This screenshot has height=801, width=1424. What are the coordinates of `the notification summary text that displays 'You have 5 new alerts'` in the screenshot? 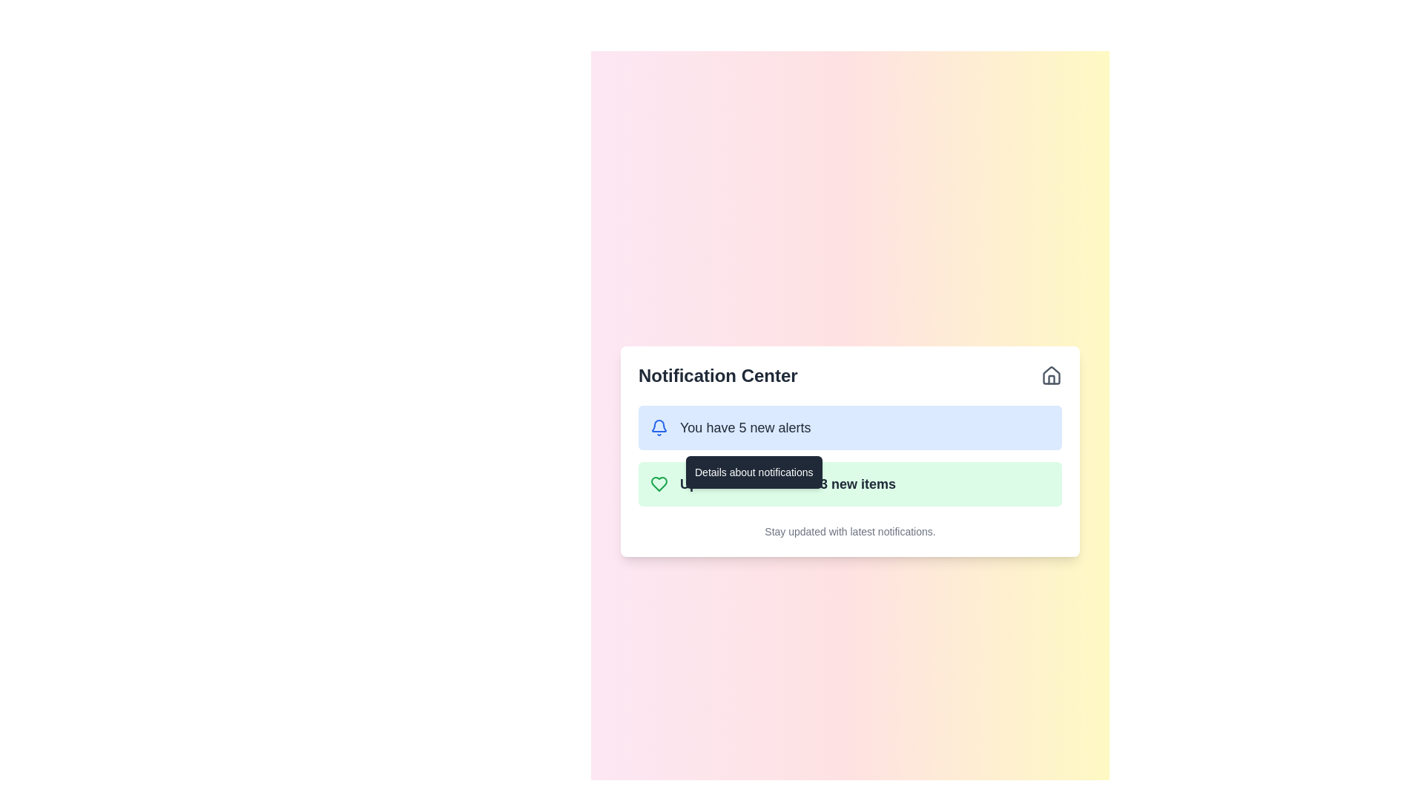 It's located at (745, 428).